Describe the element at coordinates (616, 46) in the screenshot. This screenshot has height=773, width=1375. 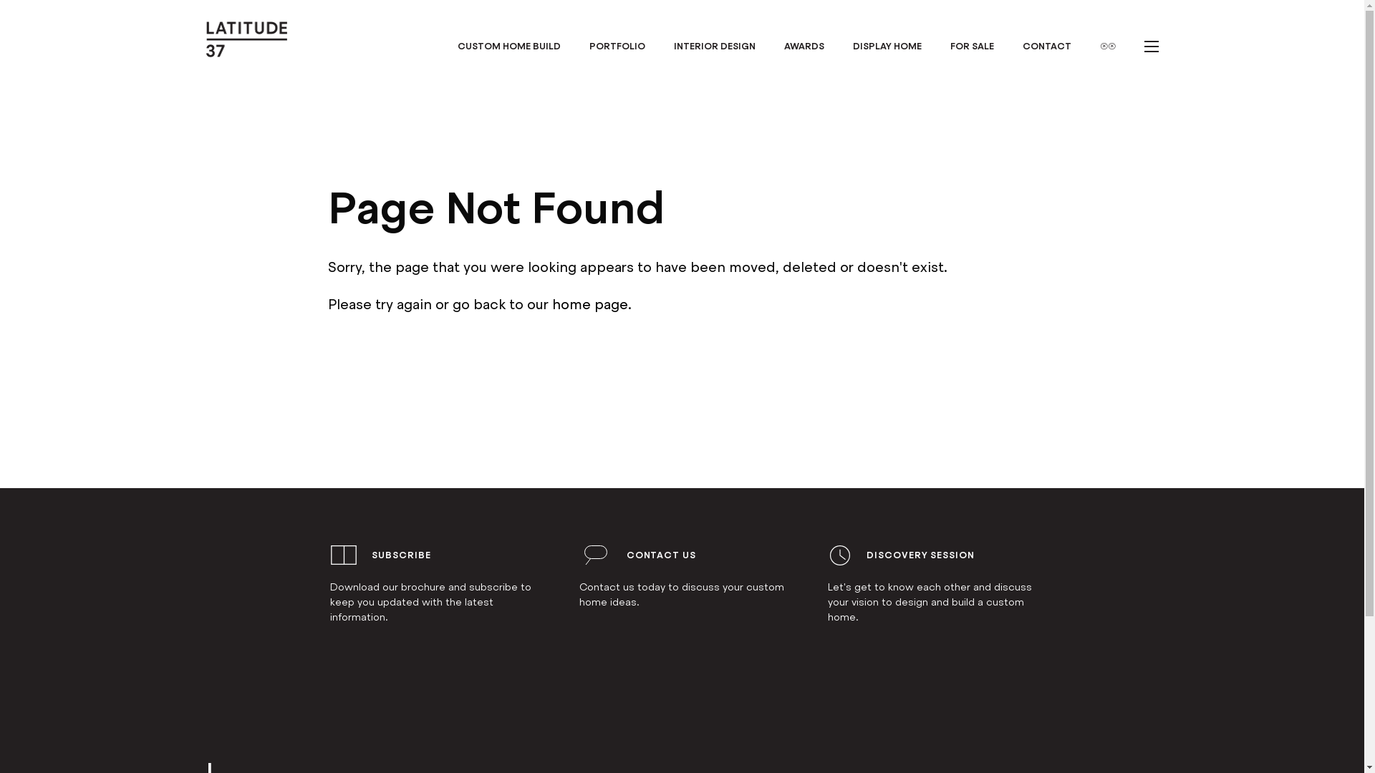
I see `'PORTFOLIO'` at that location.